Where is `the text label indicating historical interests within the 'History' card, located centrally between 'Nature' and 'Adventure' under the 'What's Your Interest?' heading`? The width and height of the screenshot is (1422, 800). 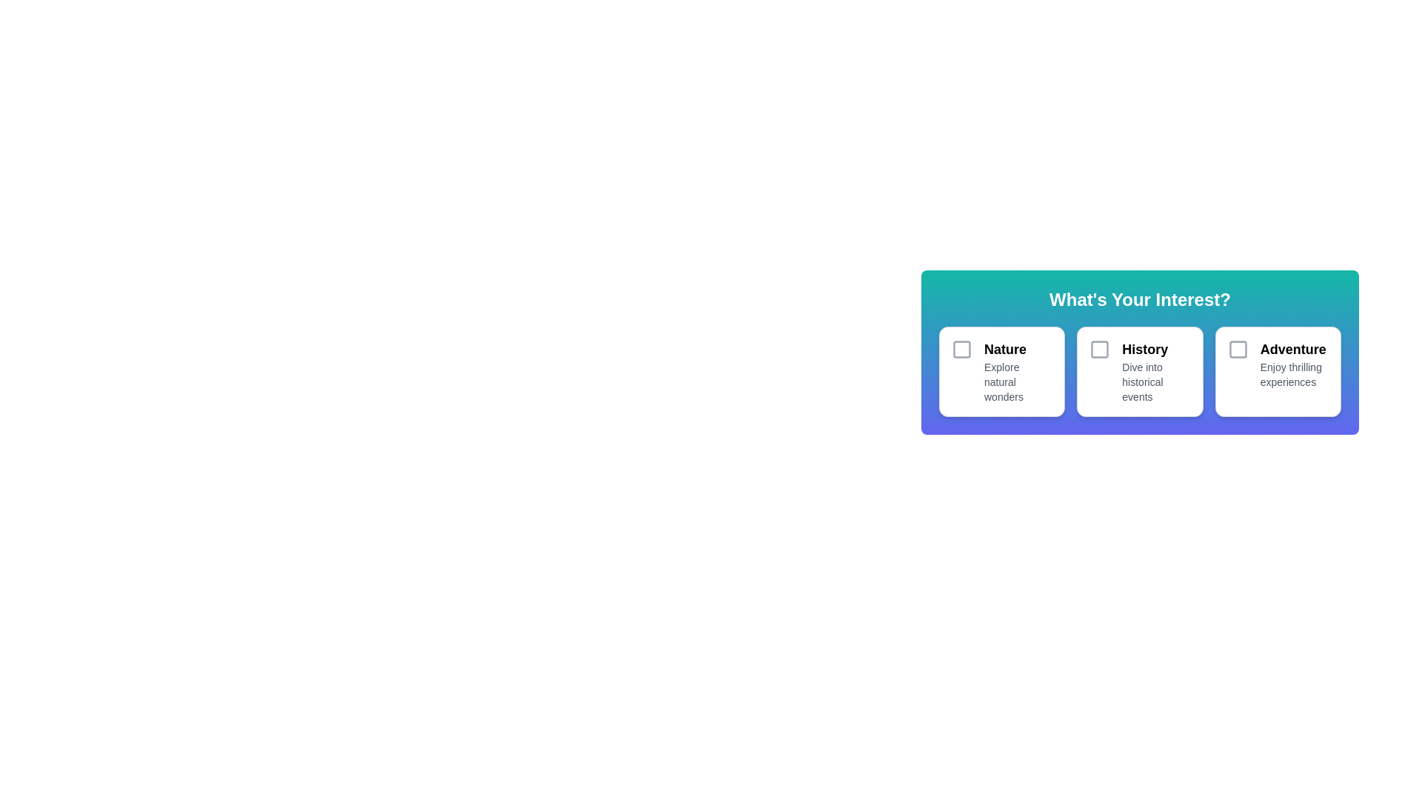 the text label indicating historical interests within the 'History' card, located centrally between 'Nature' and 'Adventure' under the 'What's Your Interest?' heading is located at coordinates (1155, 370).